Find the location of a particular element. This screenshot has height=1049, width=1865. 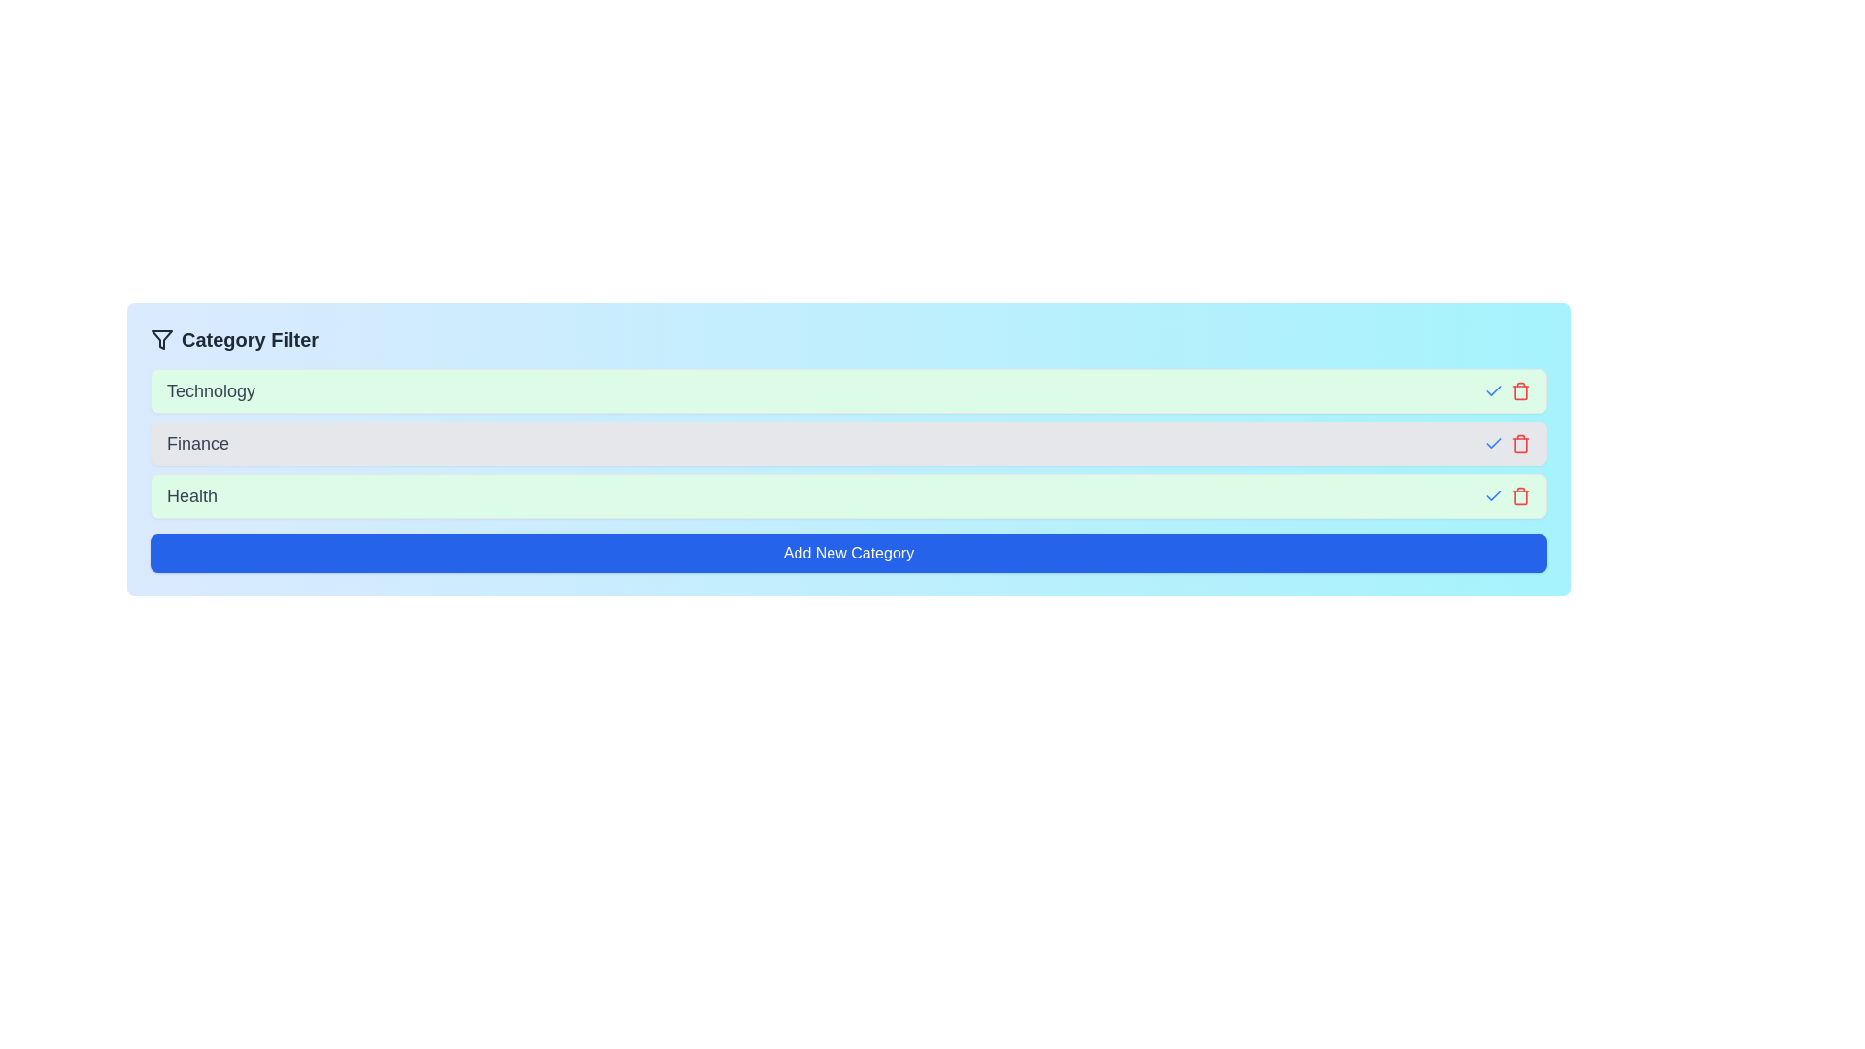

the category Technology is located at coordinates (1492, 390).